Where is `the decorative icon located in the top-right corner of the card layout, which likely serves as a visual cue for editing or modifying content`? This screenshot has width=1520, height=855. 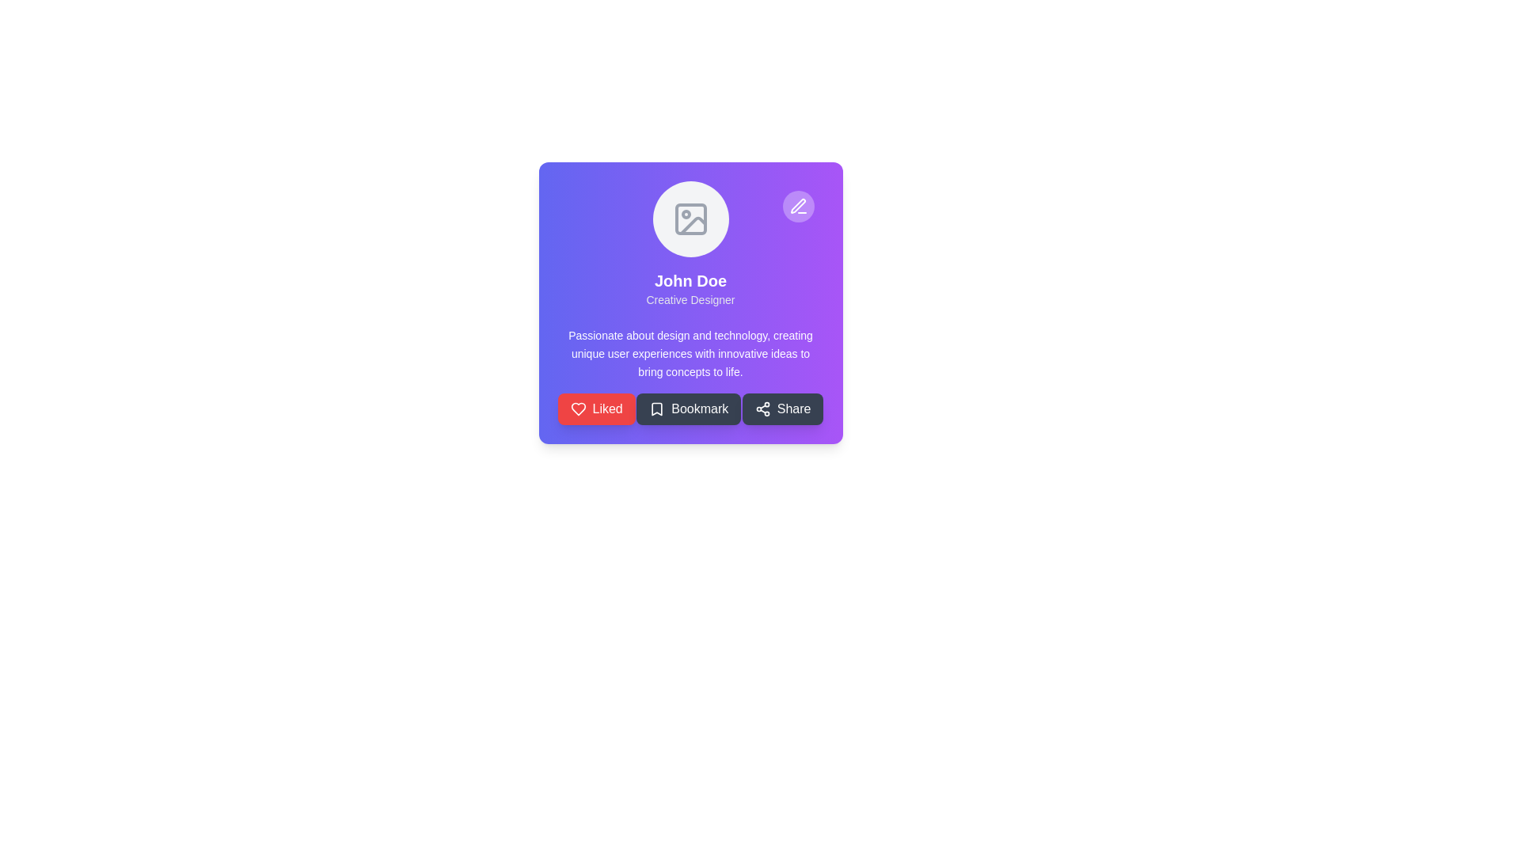
the decorative icon located in the top-right corner of the card layout, which likely serves as a visual cue for editing or modifying content is located at coordinates (798, 205).